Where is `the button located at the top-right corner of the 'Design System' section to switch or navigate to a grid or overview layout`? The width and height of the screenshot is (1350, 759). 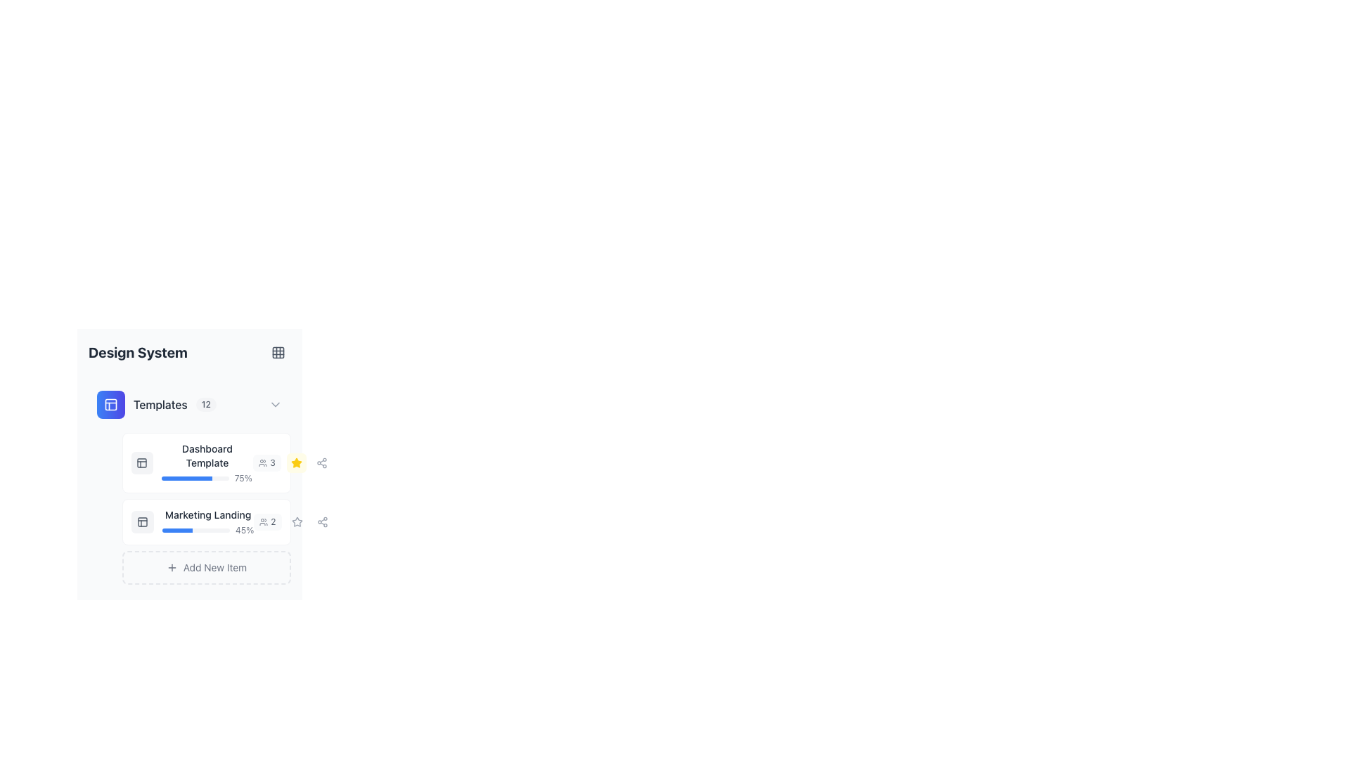
the button located at the top-right corner of the 'Design System' section to switch or navigate to a grid or overview layout is located at coordinates (278, 351).